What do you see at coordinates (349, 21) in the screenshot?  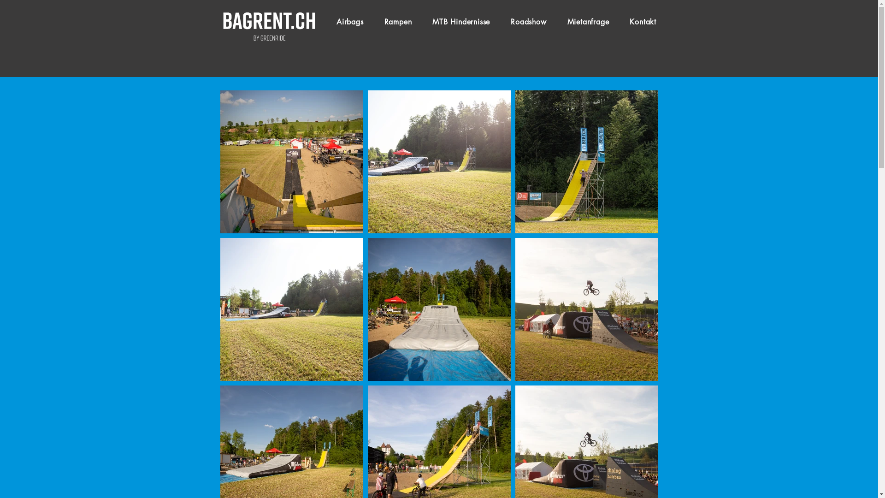 I see `'Airbags'` at bounding box center [349, 21].